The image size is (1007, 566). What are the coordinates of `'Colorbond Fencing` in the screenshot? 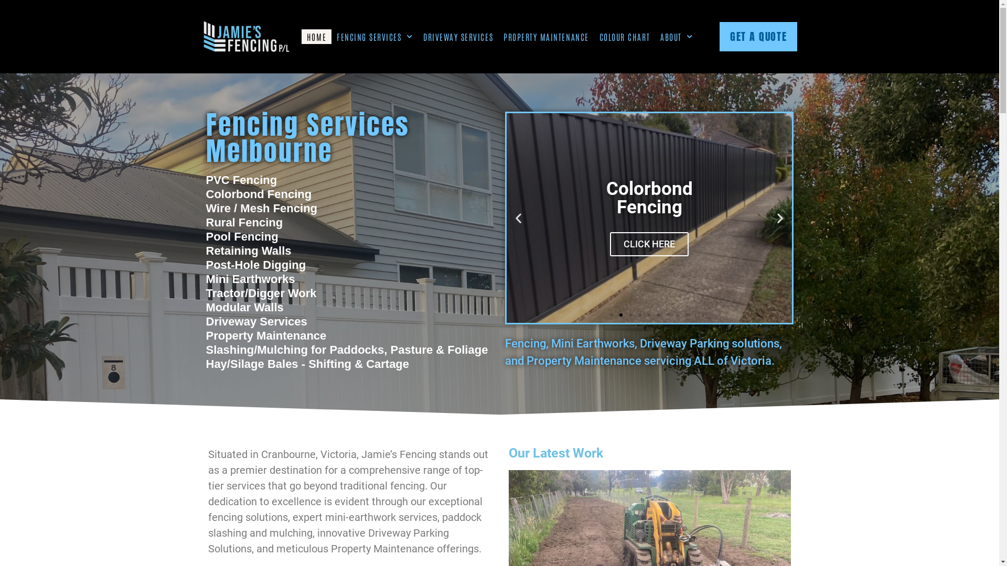 It's located at (649, 217).